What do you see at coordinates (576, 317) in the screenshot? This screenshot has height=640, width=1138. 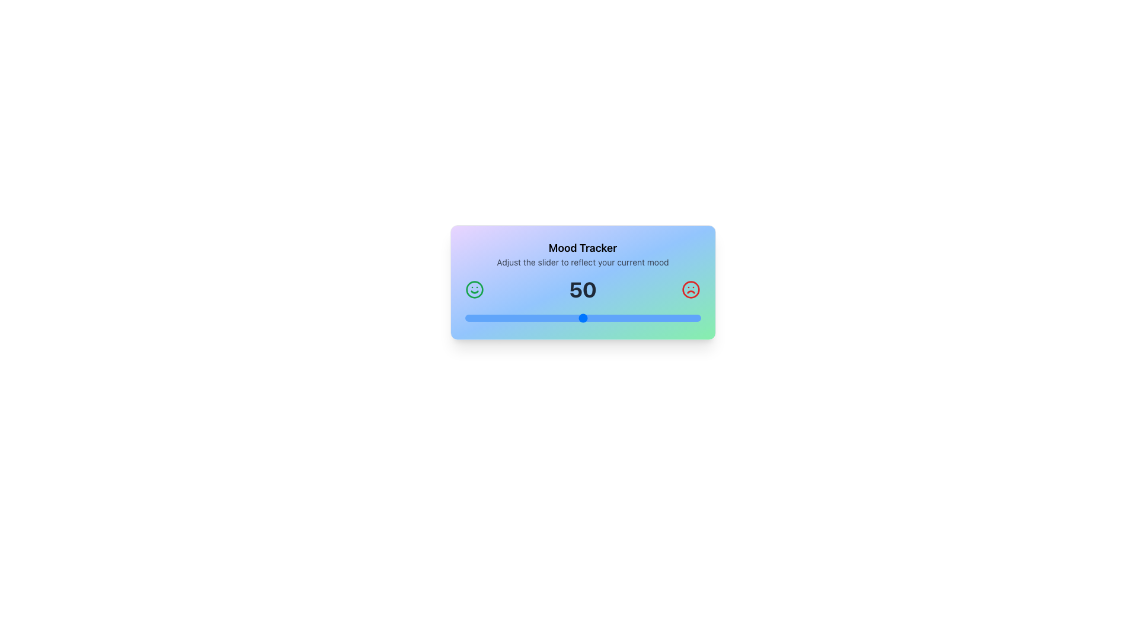 I see `the mood slider value` at bounding box center [576, 317].